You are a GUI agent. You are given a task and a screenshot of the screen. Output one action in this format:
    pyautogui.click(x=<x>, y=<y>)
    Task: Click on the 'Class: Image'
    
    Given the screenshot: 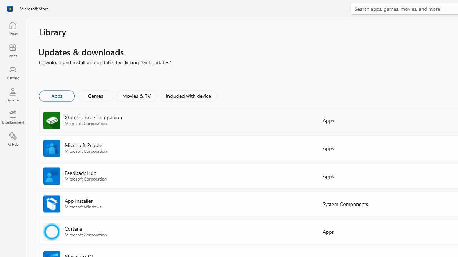 What is the action you would take?
    pyautogui.click(x=10, y=9)
    